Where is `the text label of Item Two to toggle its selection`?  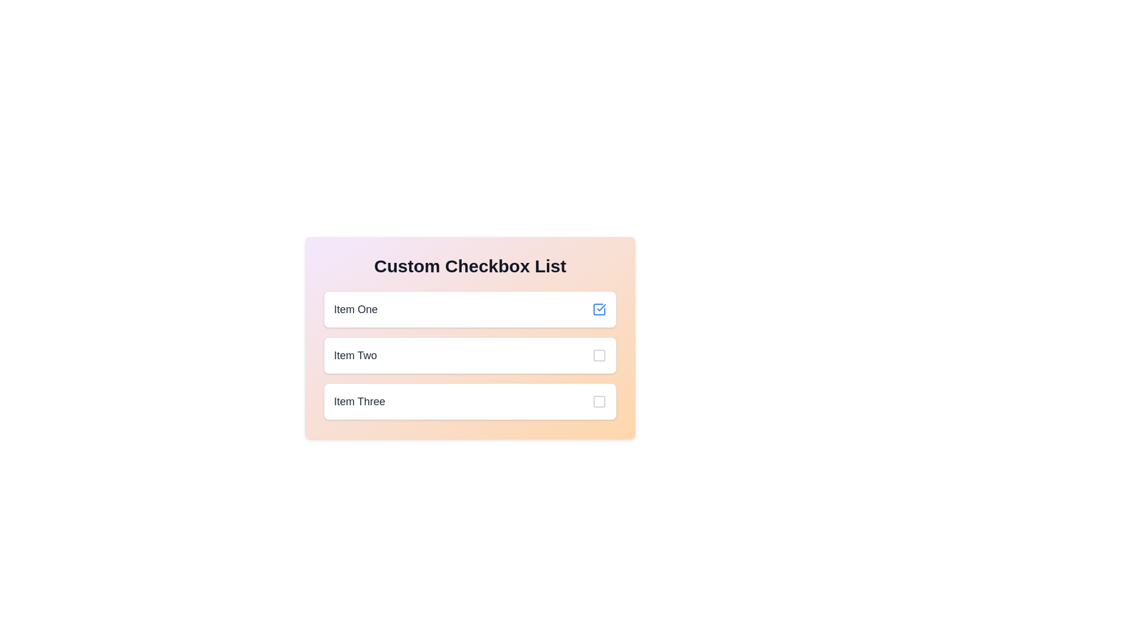 the text label of Item Two to toggle its selection is located at coordinates (354, 354).